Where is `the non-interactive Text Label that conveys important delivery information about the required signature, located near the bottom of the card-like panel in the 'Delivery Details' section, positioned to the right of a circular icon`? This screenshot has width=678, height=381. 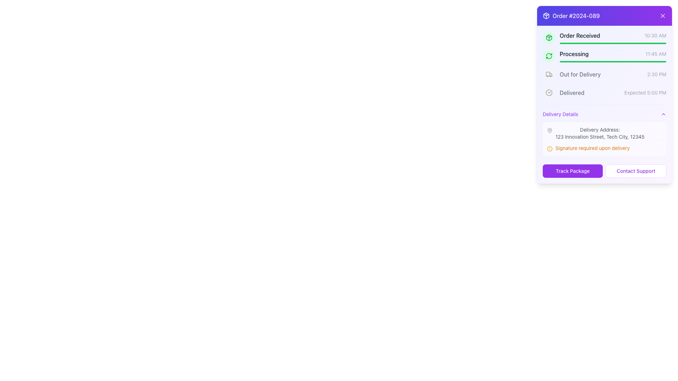 the non-interactive Text Label that conveys important delivery information about the required signature, located near the bottom of the card-like panel in the 'Delivery Details' section, positioned to the right of a circular icon is located at coordinates (593, 148).